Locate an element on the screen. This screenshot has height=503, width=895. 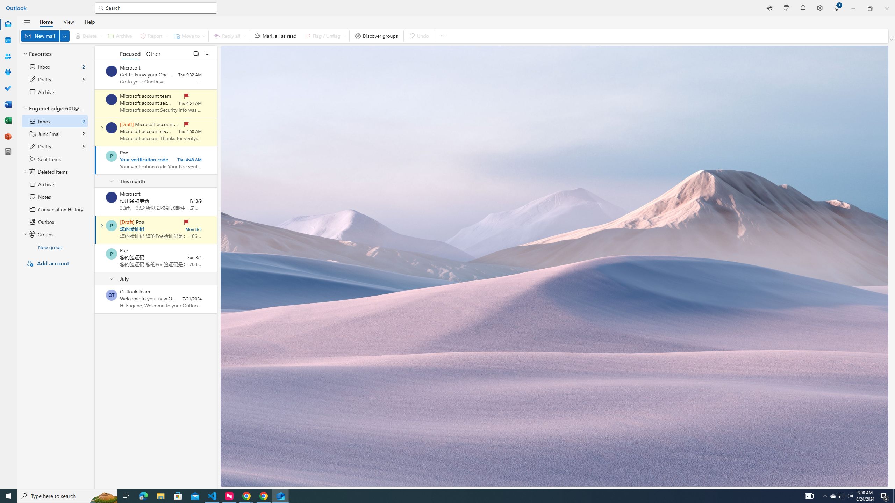
'Mark as unread' is located at coordinates (95, 299).